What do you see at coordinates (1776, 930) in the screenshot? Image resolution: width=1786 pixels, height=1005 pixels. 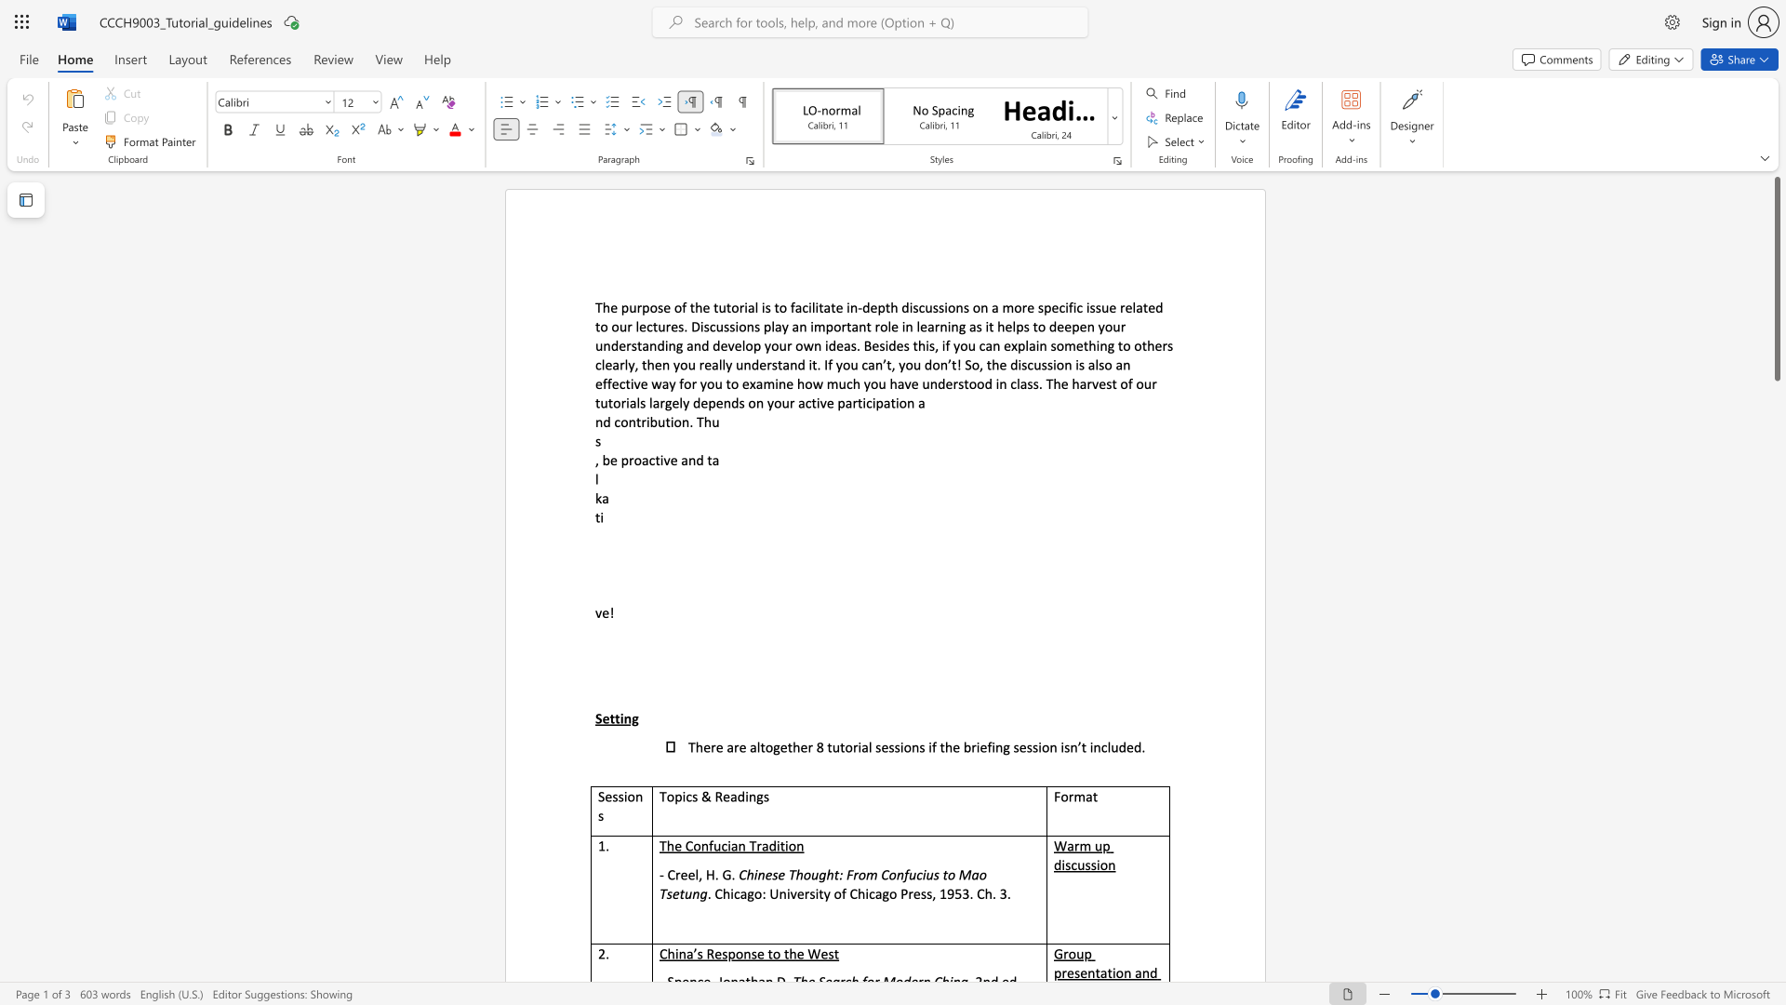 I see `the page's right scrollbar for downward movement` at bounding box center [1776, 930].